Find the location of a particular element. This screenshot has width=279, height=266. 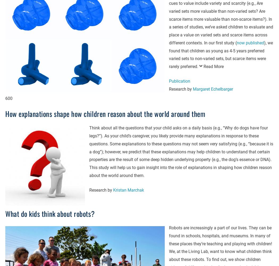

'What do kids think about robots?' is located at coordinates (50, 213).